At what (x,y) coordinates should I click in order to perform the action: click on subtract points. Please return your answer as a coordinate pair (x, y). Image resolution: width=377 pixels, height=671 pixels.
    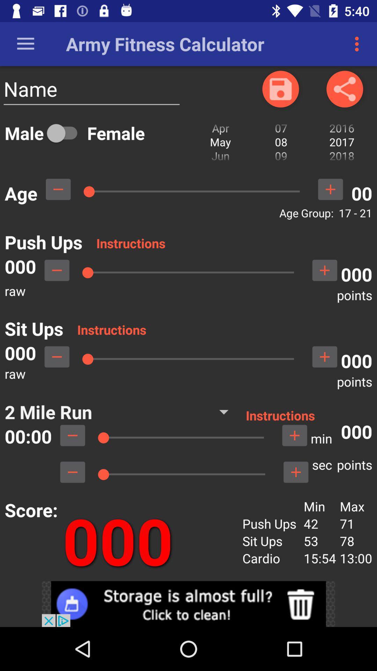
    Looking at the image, I should click on (73, 472).